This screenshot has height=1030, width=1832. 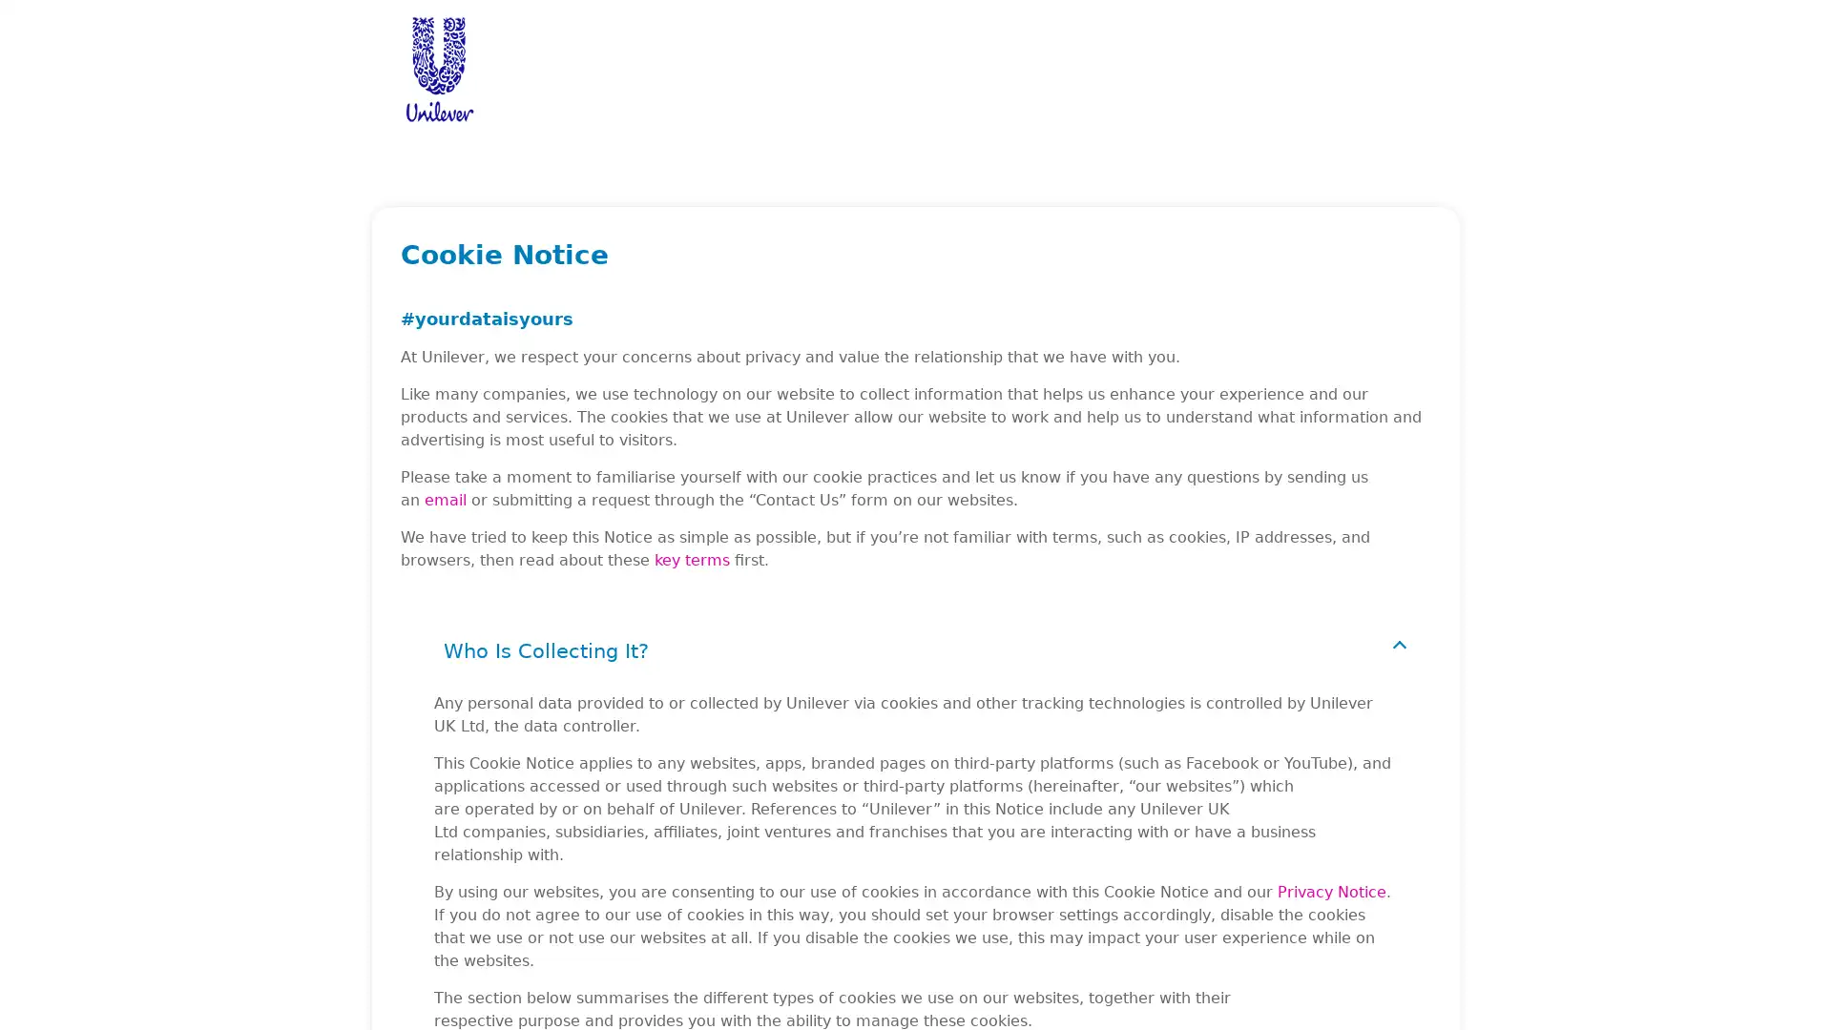 What do you see at coordinates (916, 649) in the screenshot?
I see `Who Is Collecting It?` at bounding box center [916, 649].